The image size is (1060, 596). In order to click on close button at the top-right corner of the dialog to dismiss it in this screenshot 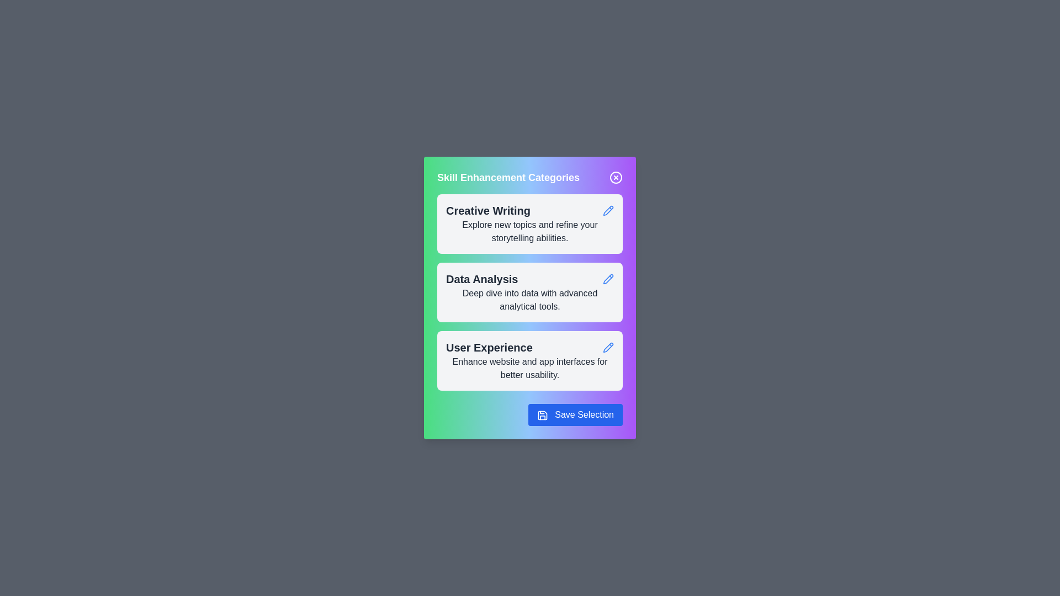, I will do `click(616, 177)`.